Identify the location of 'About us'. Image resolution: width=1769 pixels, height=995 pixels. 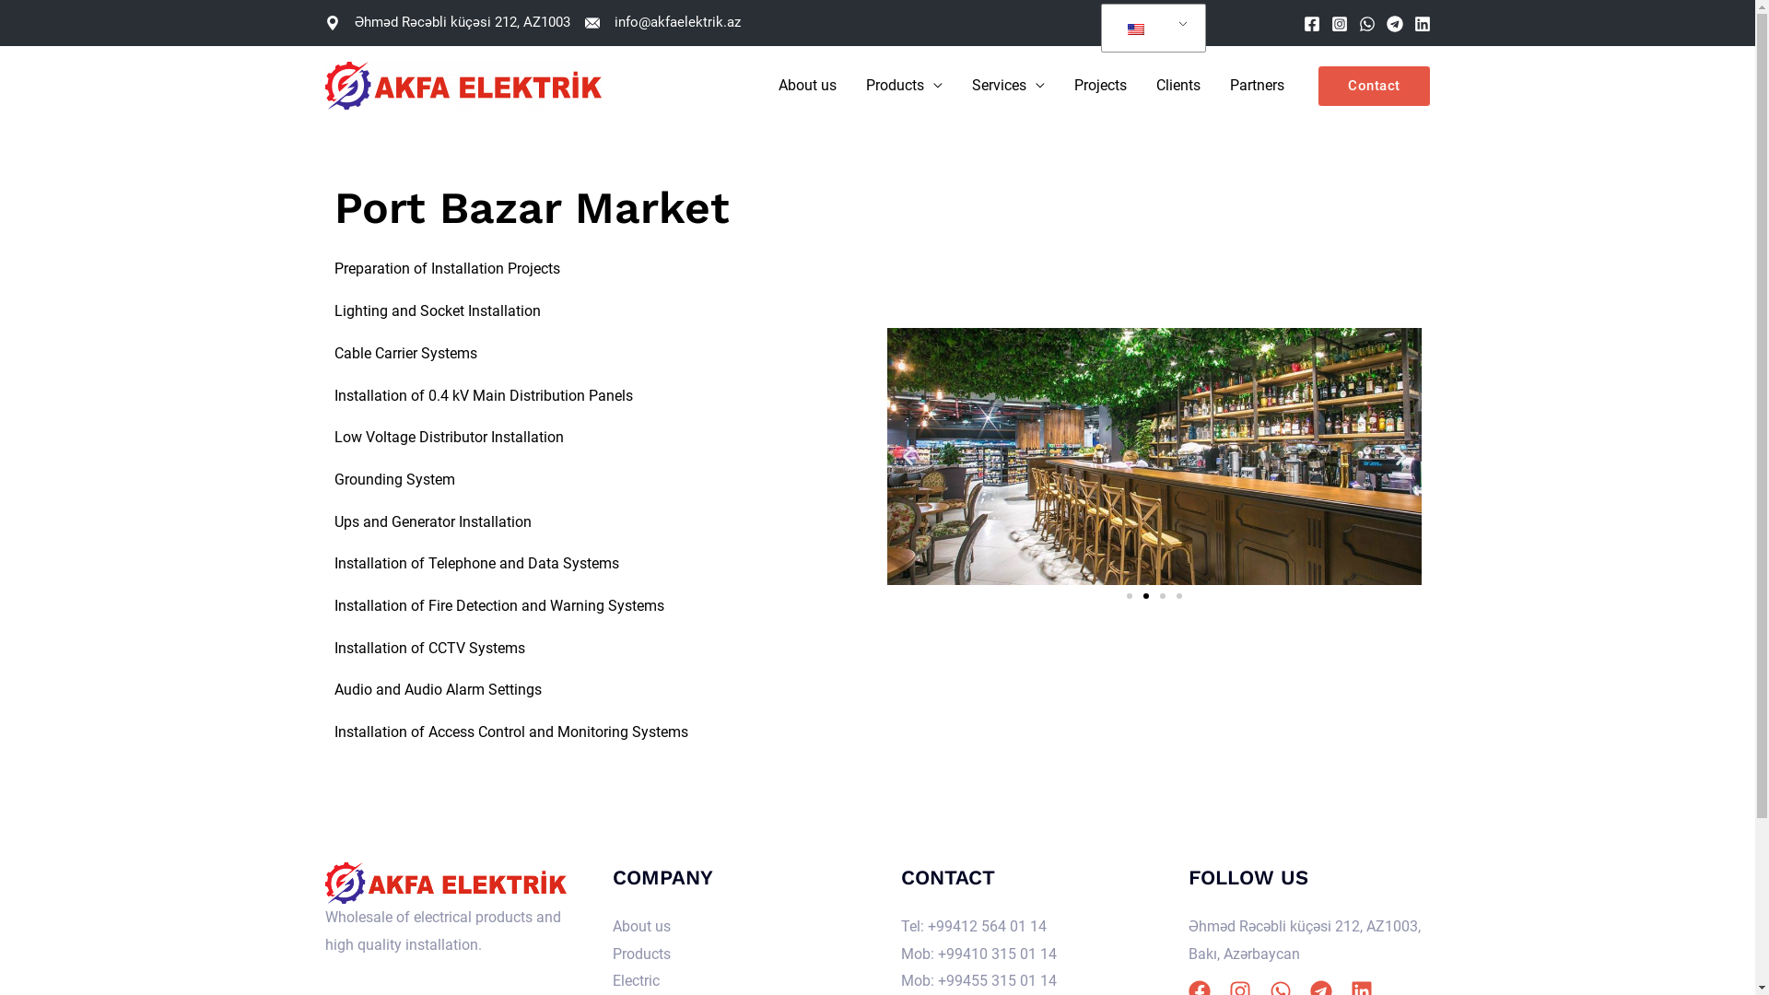
(641, 926).